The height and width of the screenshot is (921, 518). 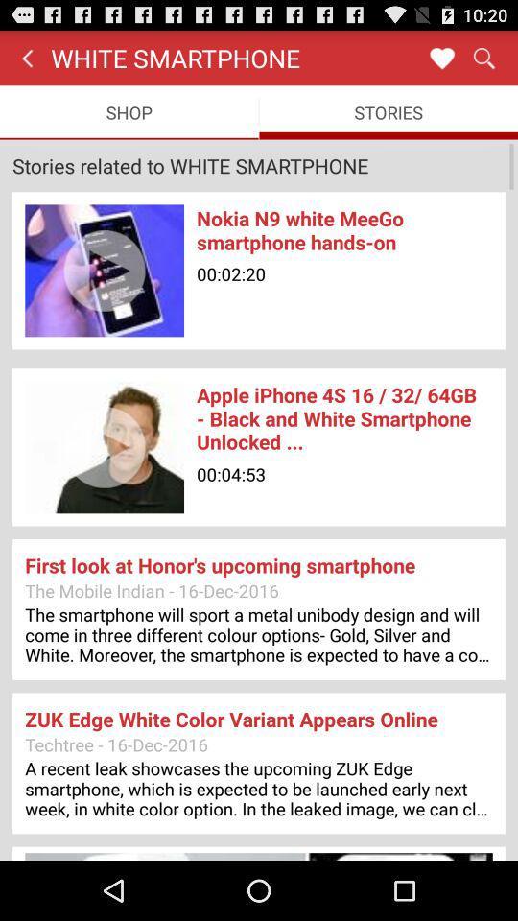 I want to click on item above the stories item, so click(x=483, y=57).